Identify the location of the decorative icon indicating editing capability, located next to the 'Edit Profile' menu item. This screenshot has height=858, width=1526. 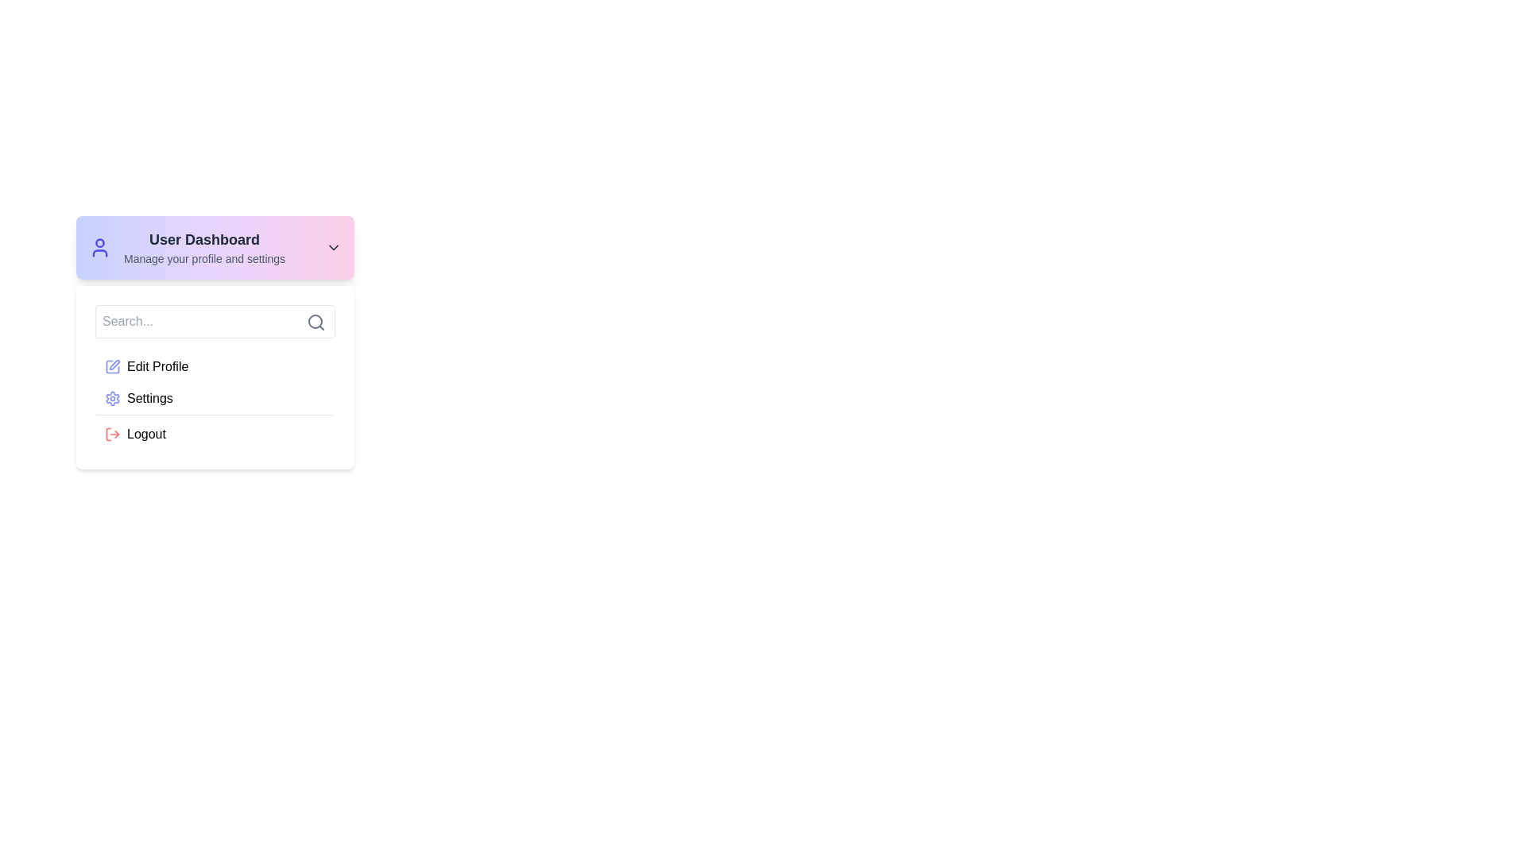
(114, 365).